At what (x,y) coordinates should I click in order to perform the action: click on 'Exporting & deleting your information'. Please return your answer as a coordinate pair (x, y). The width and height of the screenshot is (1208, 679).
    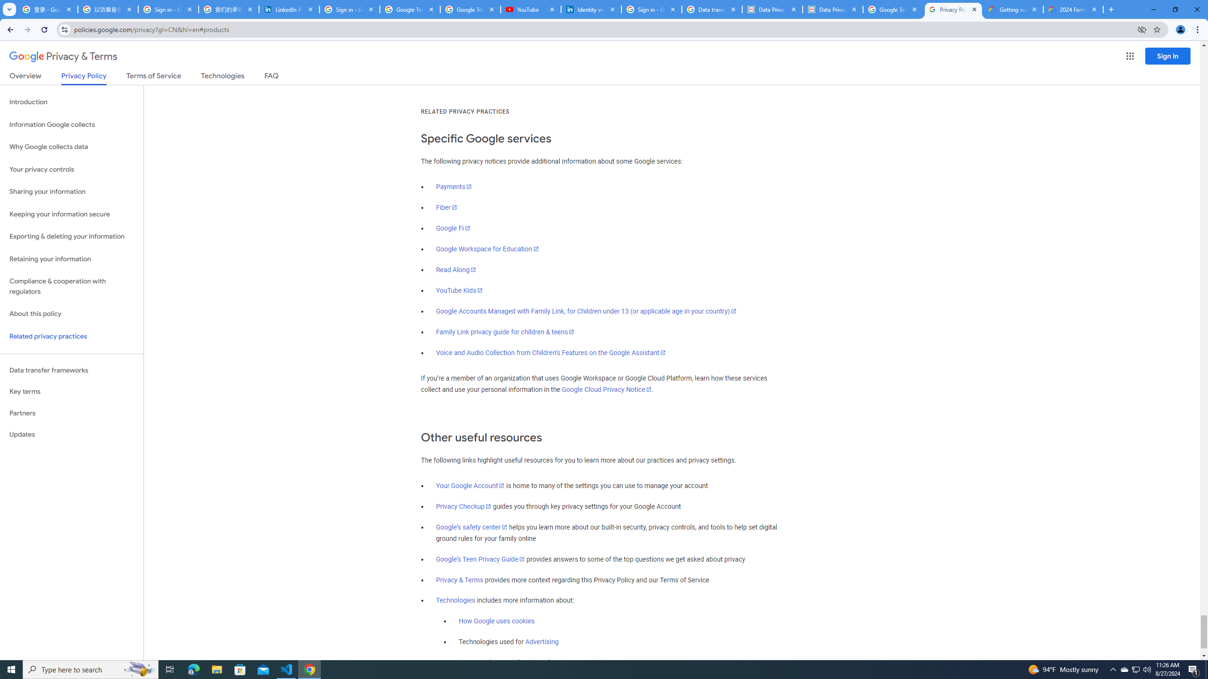
    Looking at the image, I should click on (71, 236).